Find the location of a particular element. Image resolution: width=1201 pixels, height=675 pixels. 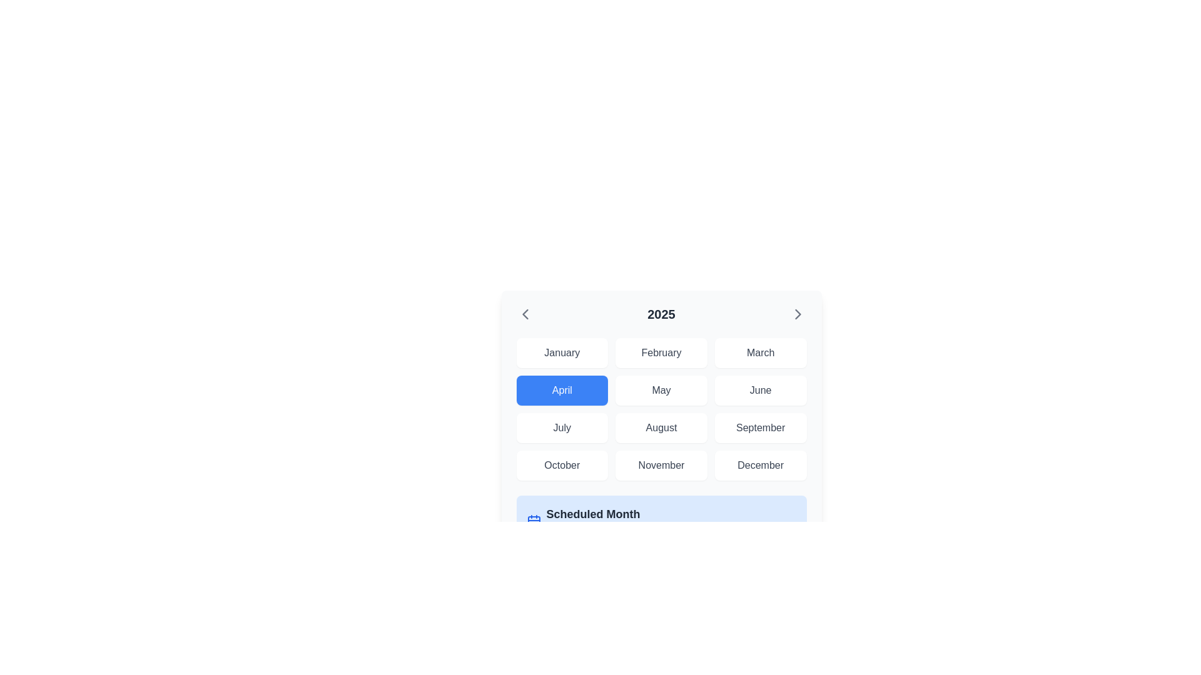

the 'October' button, which is a bold gray text on a white rounded rectangular background located in the bottom-left cell of a 3x4 grid of month names is located at coordinates (560, 465).